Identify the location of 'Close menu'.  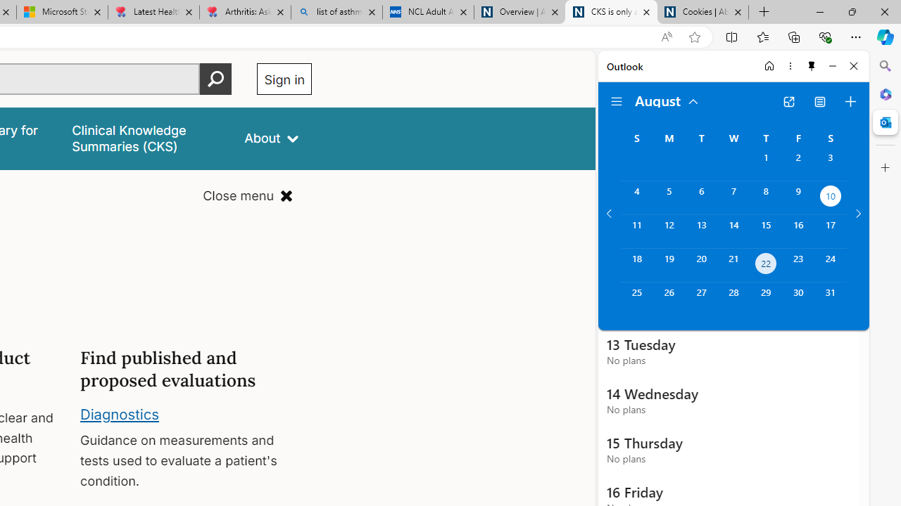
(248, 196).